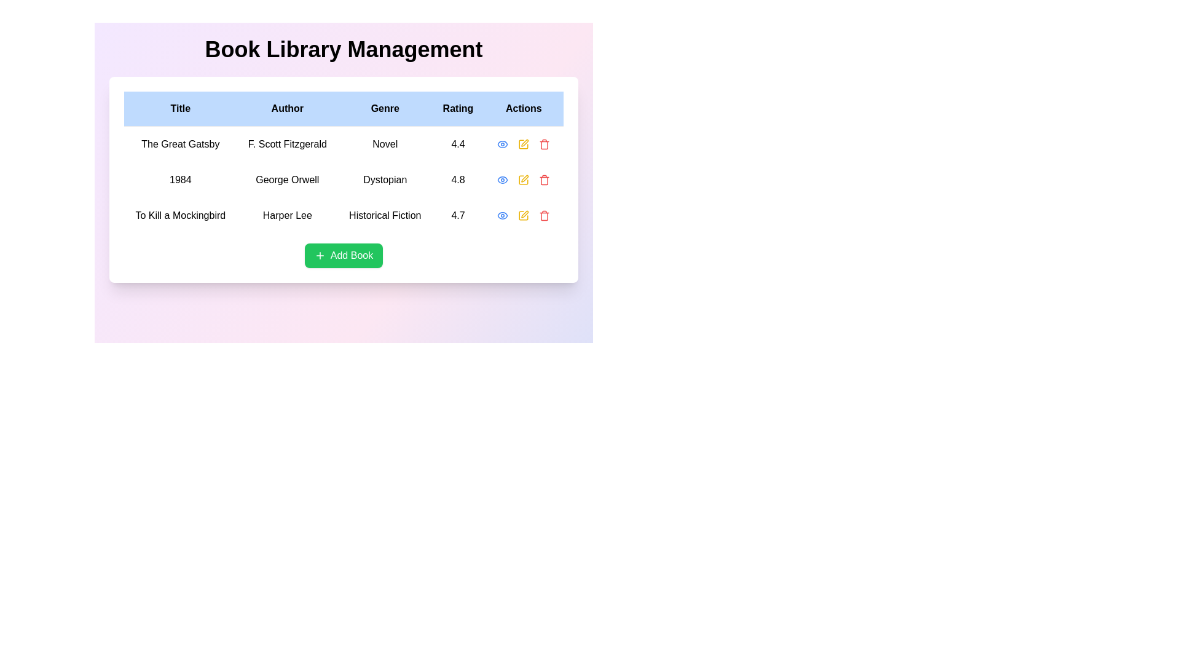 This screenshot has width=1180, height=664. I want to click on numerical rating displayed as '4.7' in bold black text located in the 'Rating' column of the table, so click(457, 215).